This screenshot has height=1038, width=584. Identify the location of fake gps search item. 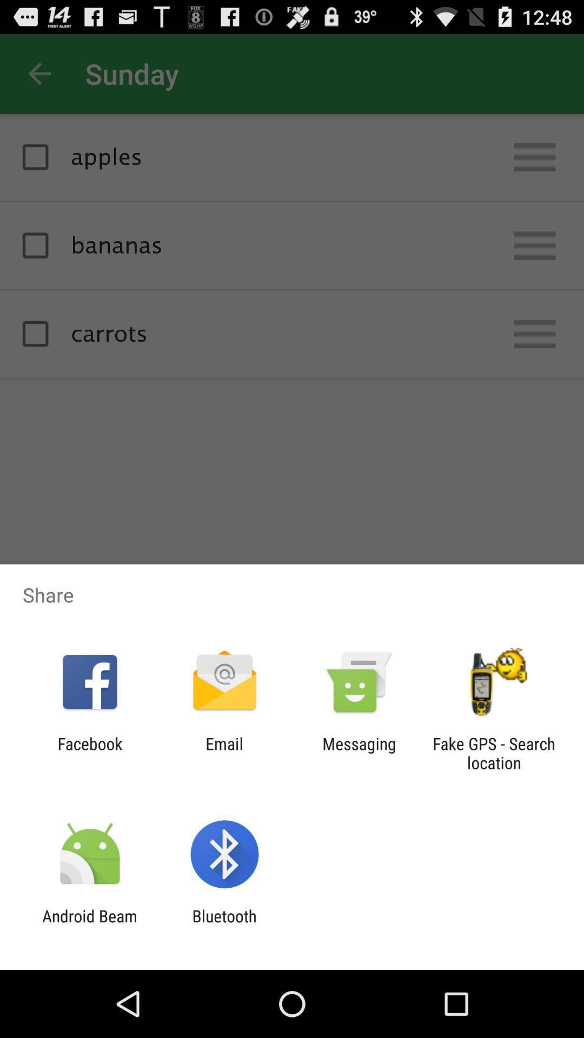
(494, 753).